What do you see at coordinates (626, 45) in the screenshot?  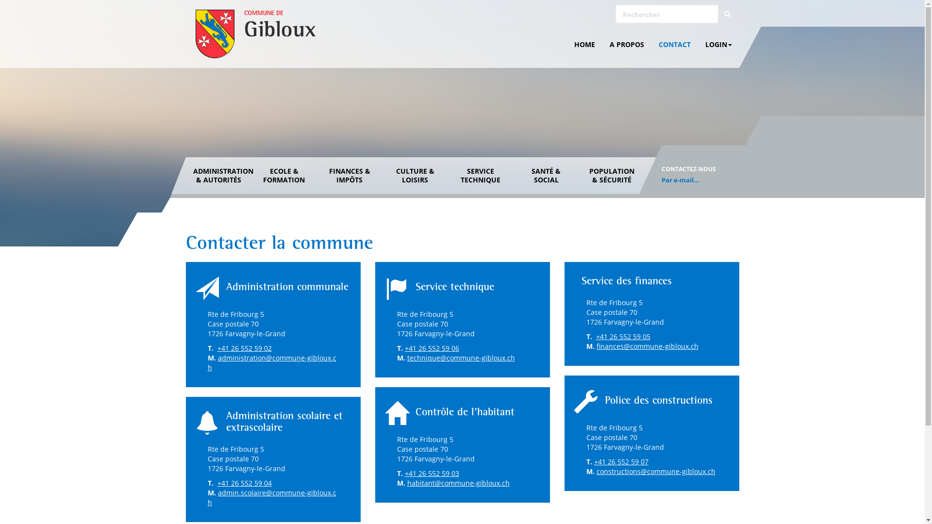 I see `'A PROPOS'` at bounding box center [626, 45].